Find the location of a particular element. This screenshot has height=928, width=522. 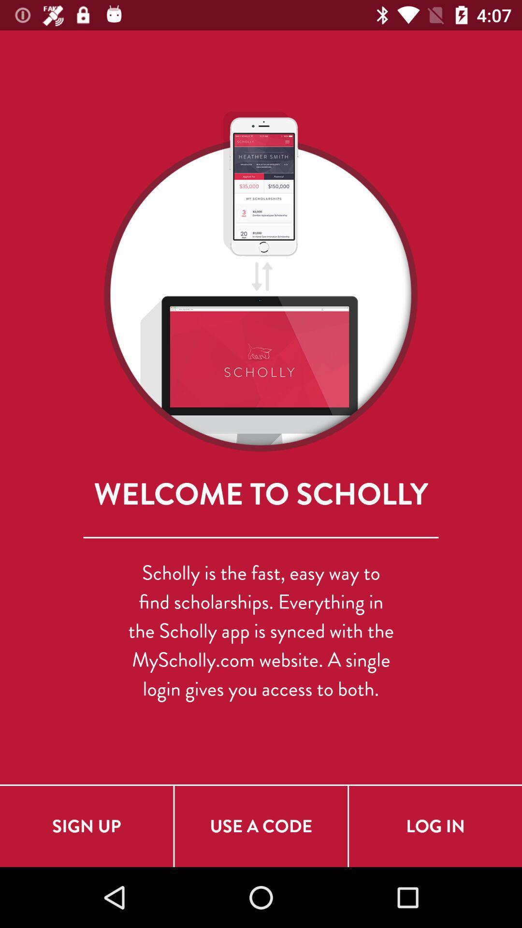

sign up is located at coordinates (86, 826).